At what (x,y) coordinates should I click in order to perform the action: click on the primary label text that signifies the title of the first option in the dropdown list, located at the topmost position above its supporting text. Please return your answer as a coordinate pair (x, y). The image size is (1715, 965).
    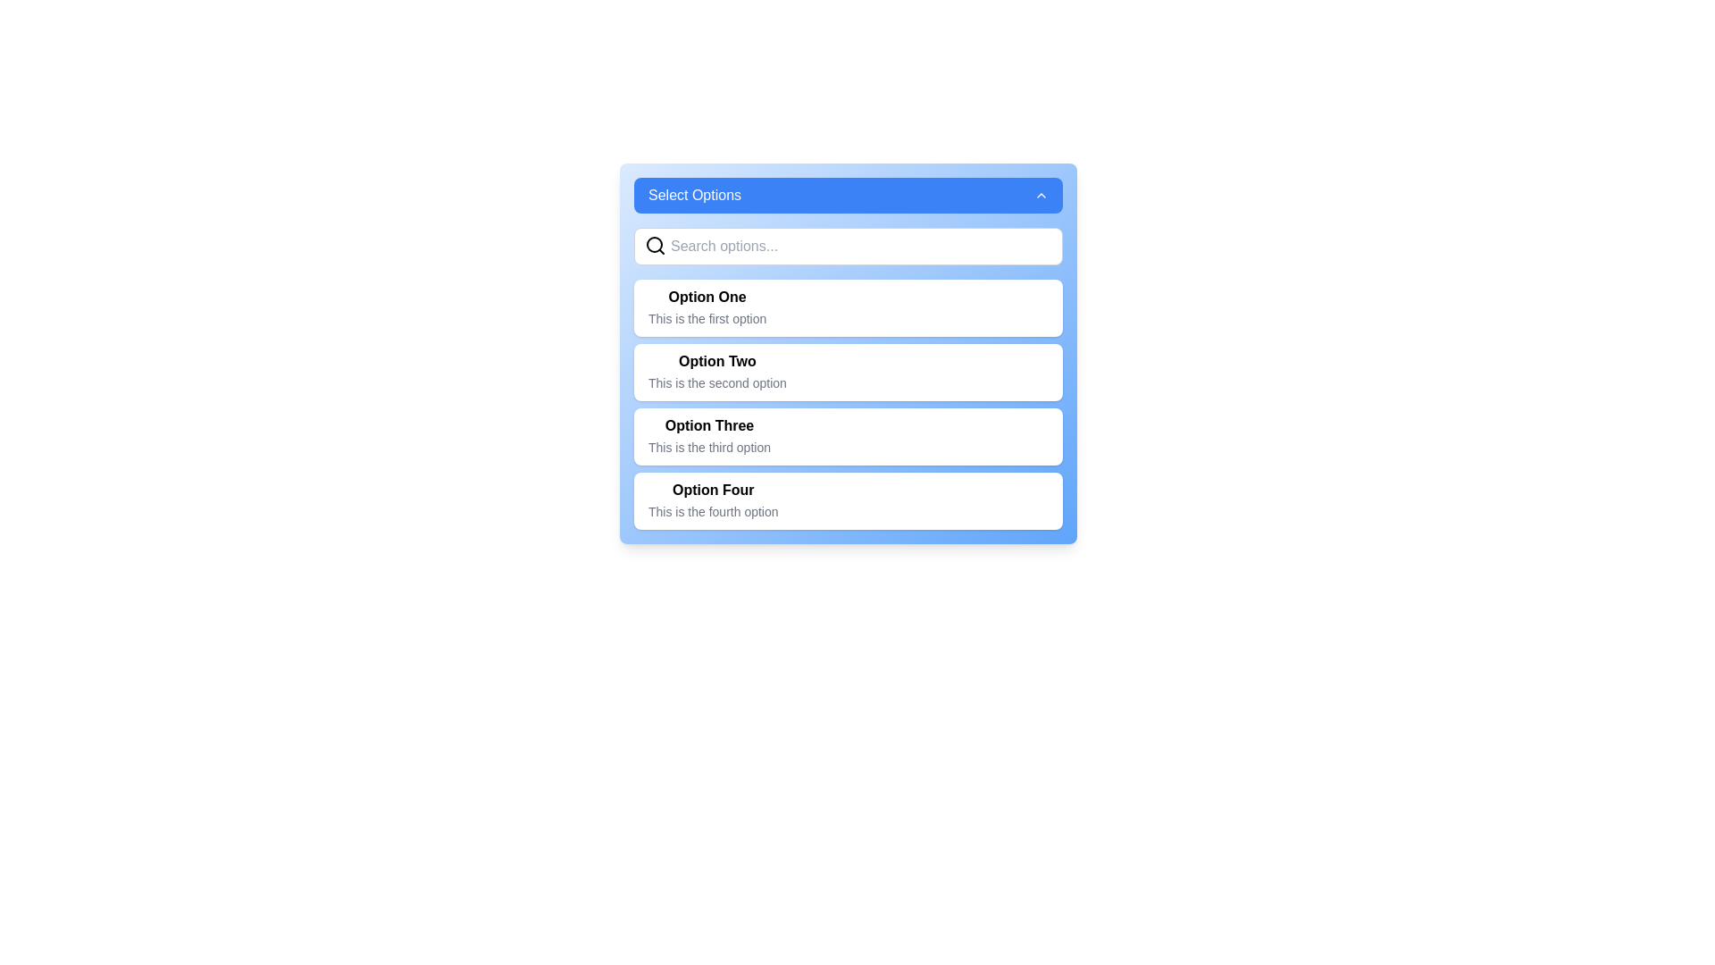
    Looking at the image, I should click on (707, 296).